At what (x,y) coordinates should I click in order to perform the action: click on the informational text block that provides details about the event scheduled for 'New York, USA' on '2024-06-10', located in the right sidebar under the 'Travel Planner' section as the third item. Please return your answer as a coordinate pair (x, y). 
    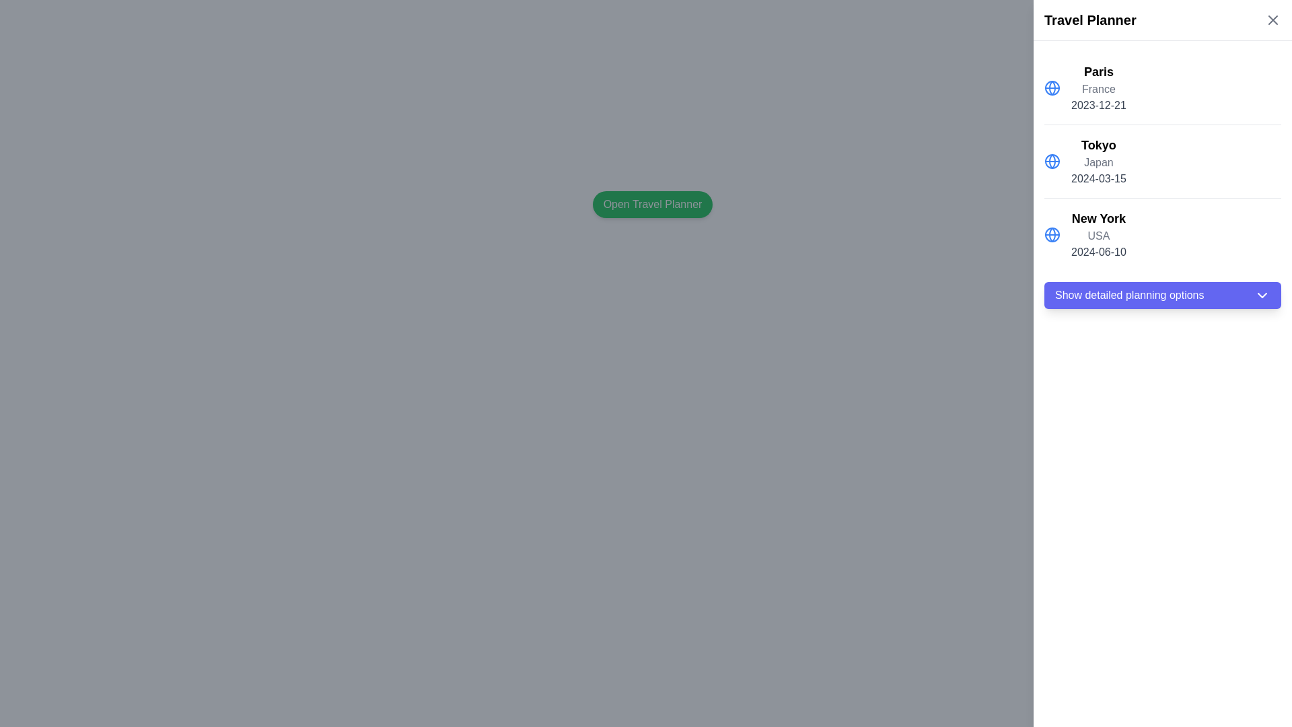
    Looking at the image, I should click on (1098, 234).